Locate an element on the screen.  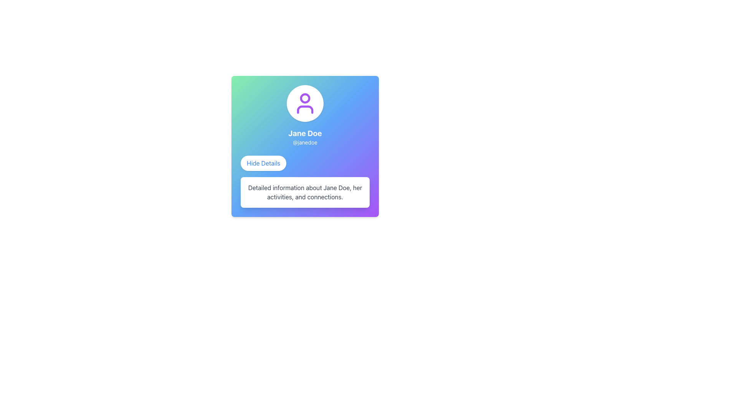
the SVG graphical circle component that represents the head within the user-themed icon, located at the top of the profile card is located at coordinates (305, 97).